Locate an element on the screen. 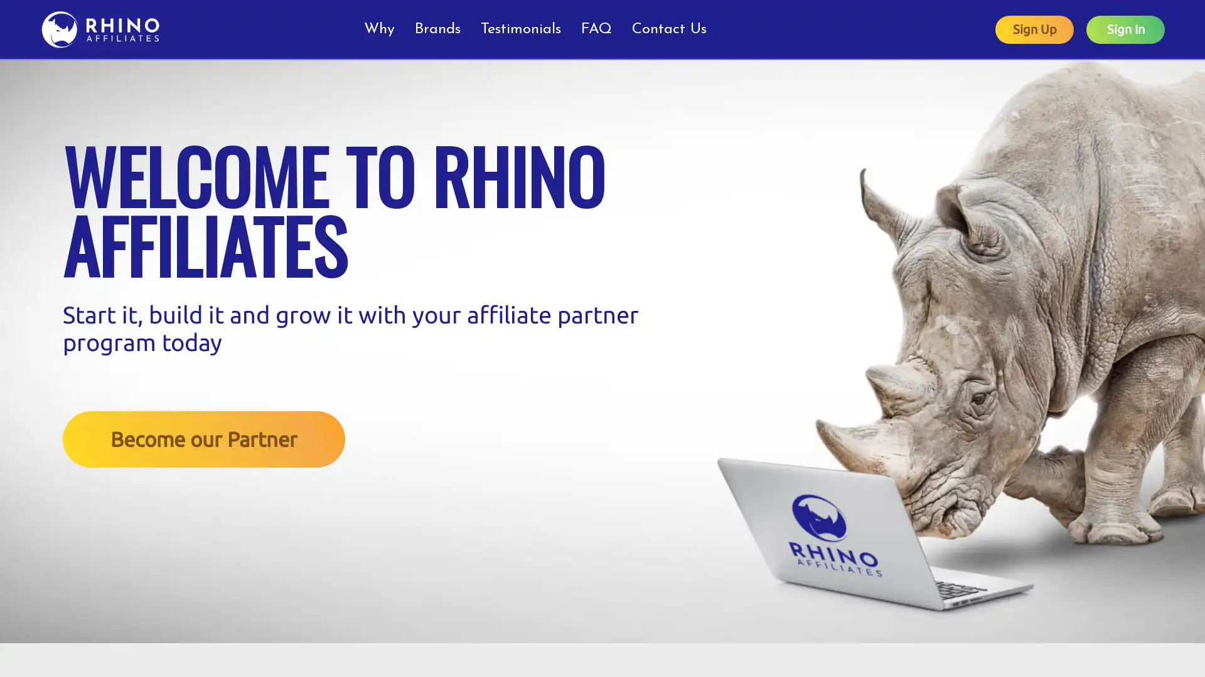 This screenshot has height=677, width=1205. Sign Up is located at coordinates (1034, 28).